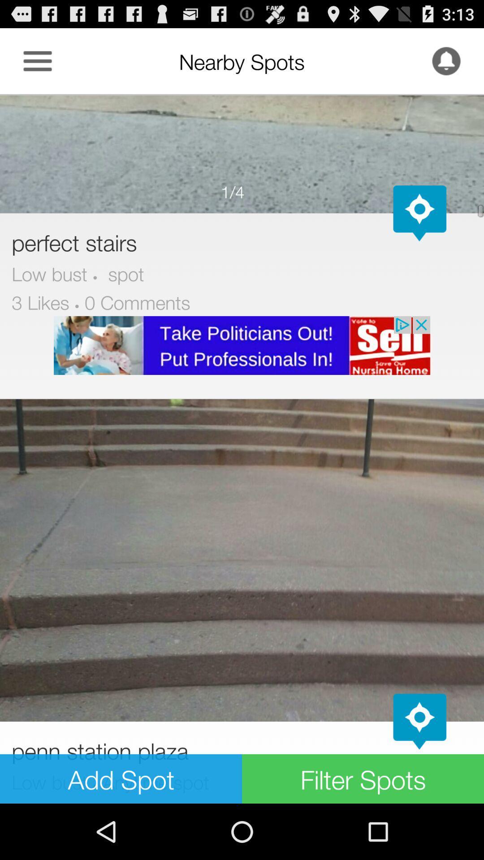 This screenshot has height=860, width=484. Describe the element at coordinates (419, 722) in the screenshot. I see `map` at that location.